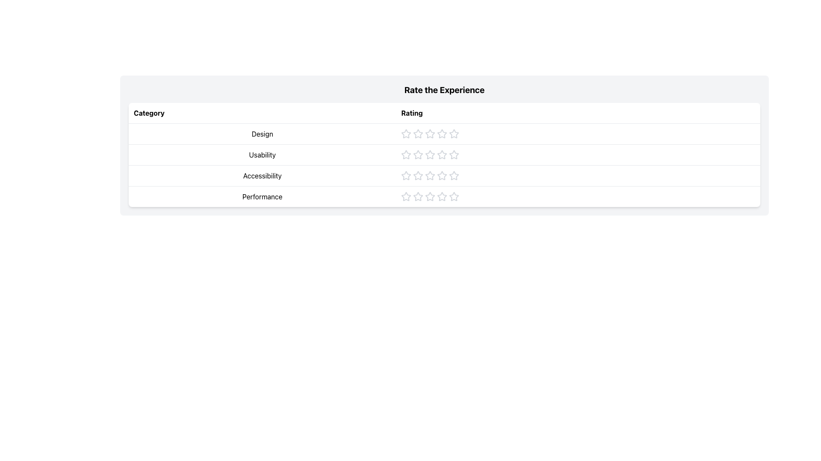  What do you see at coordinates (430, 175) in the screenshot?
I see `the fifth star in the Accessibility rating system` at bounding box center [430, 175].